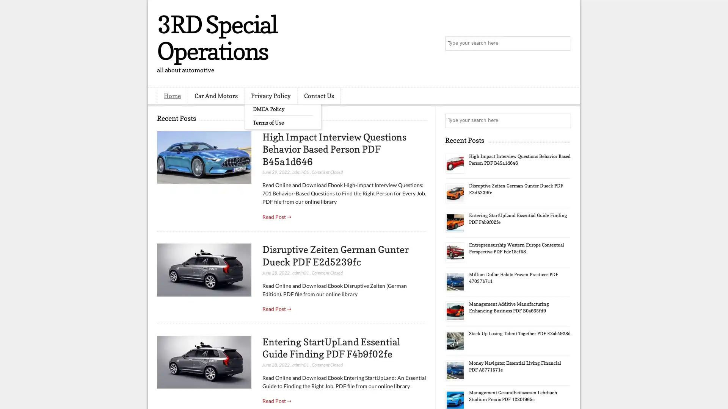  Describe the element at coordinates (563, 44) in the screenshot. I see `Search` at that location.